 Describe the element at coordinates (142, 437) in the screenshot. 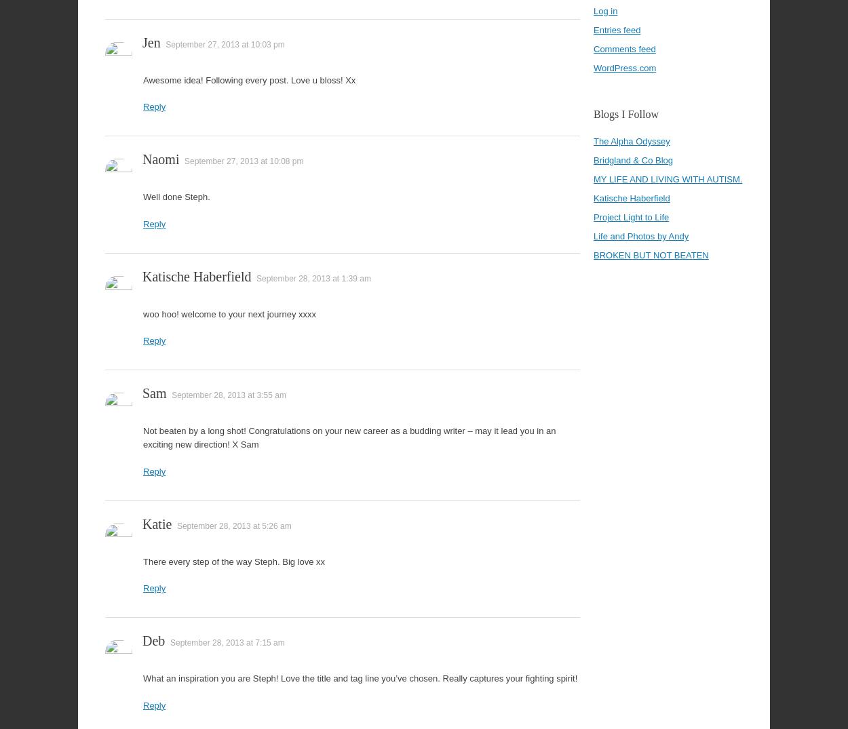

I see `'Not beaten by a long shot!  Congratulations on your new career as a budding writer – may it lead you in an exciting new direction! X Sam'` at that location.